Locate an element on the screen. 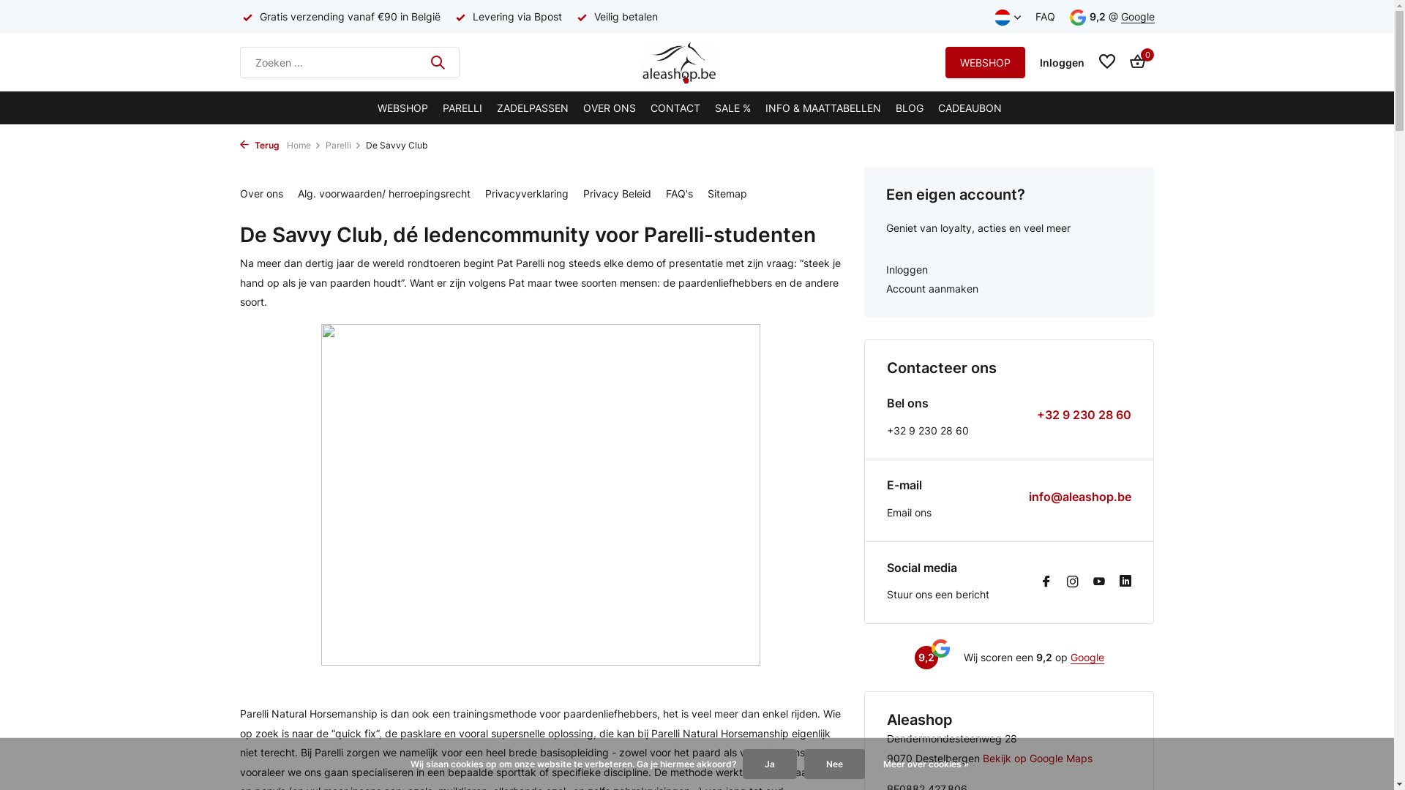 This screenshot has height=790, width=1405. 'linkedin2' is located at coordinates (1124, 581).